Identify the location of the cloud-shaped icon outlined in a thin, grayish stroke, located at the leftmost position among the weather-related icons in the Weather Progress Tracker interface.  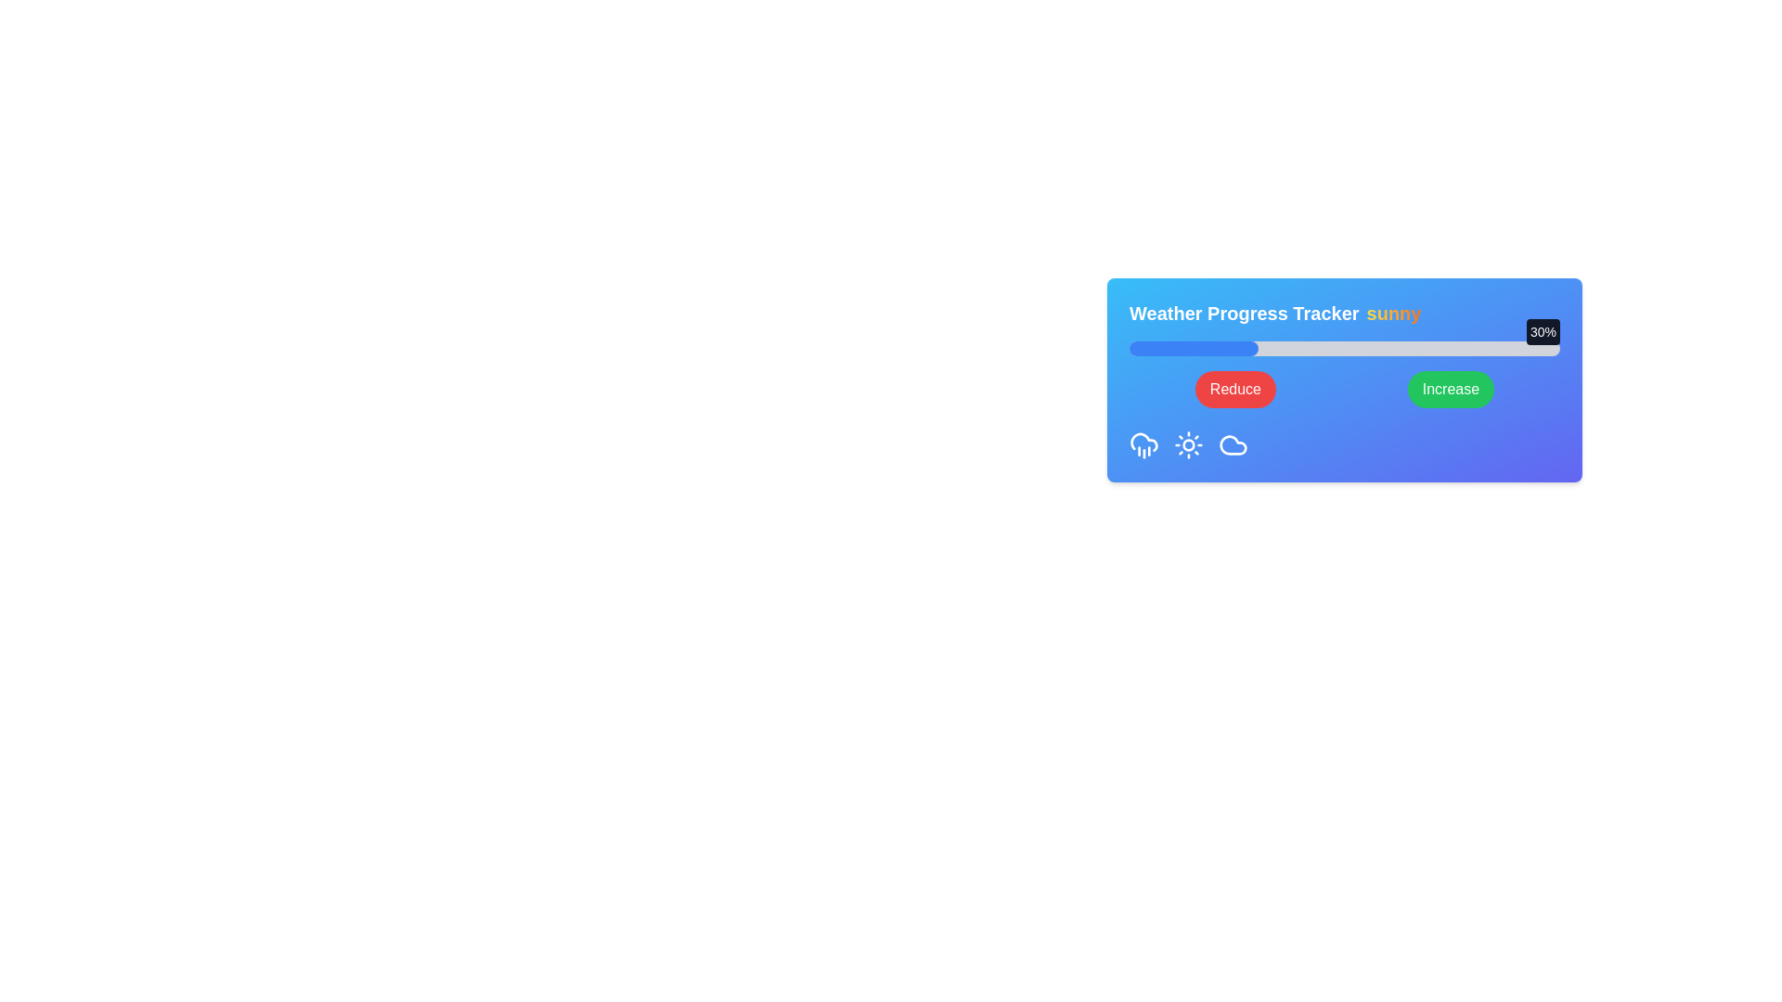
(1233, 444).